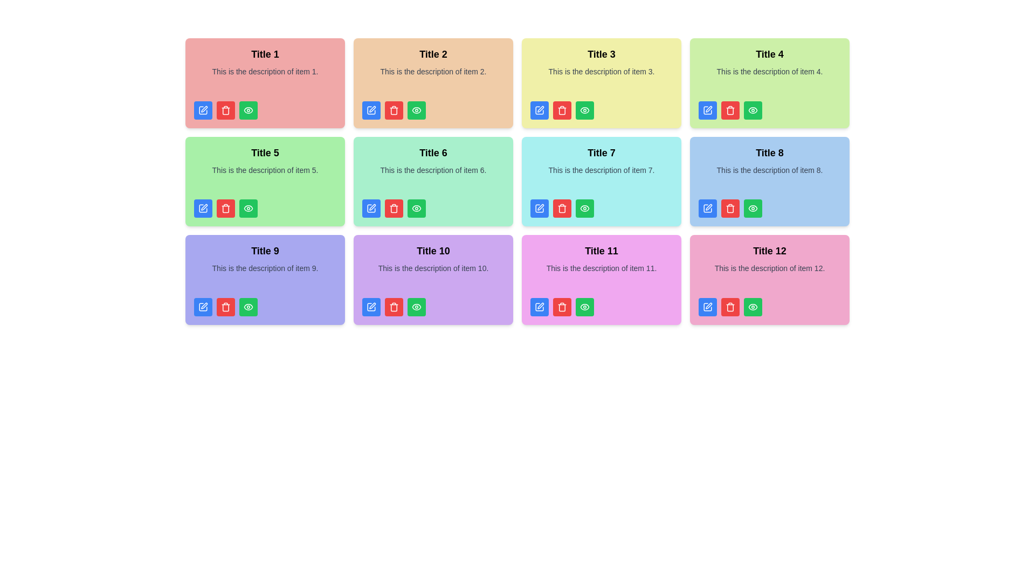 This screenshot has width=1035, height=582. Describe the element at coordinates (540, 110) in the screenshot. I see `the leftmost edit button located at the bottom-left corner of the card labeled 'Title 3' to initiate editing` at that location.